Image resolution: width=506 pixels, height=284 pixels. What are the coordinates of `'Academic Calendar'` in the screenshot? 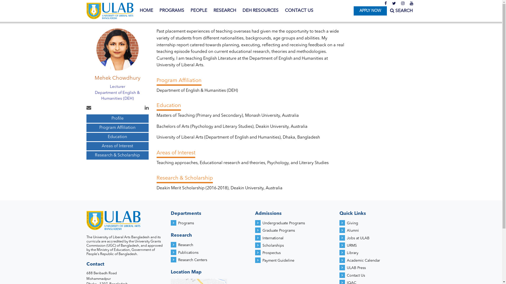 It's located at (363, 261).